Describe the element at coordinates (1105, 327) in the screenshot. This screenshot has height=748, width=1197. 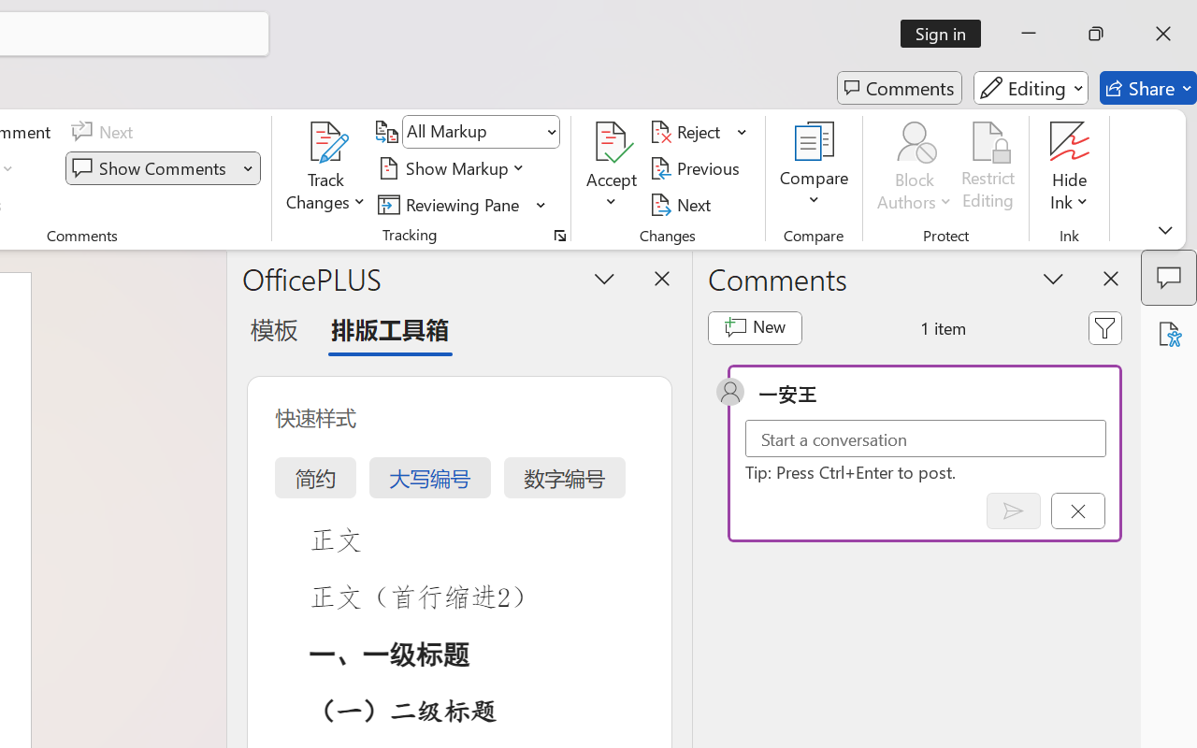
I see `'Filter'` at that location.